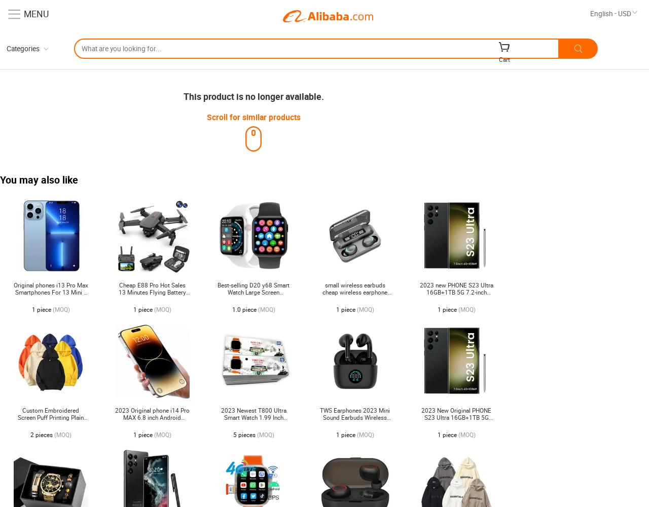  What do you see at coordinates (13, 299) in the screenshot?
I see `'Original phones i13 Pro Max Smartphones For   13 Mini  s 13Pro Max 16GB+512GB 5G Dual SIM Cellphone Mobile Phone'` at bounding box center [13, 299].